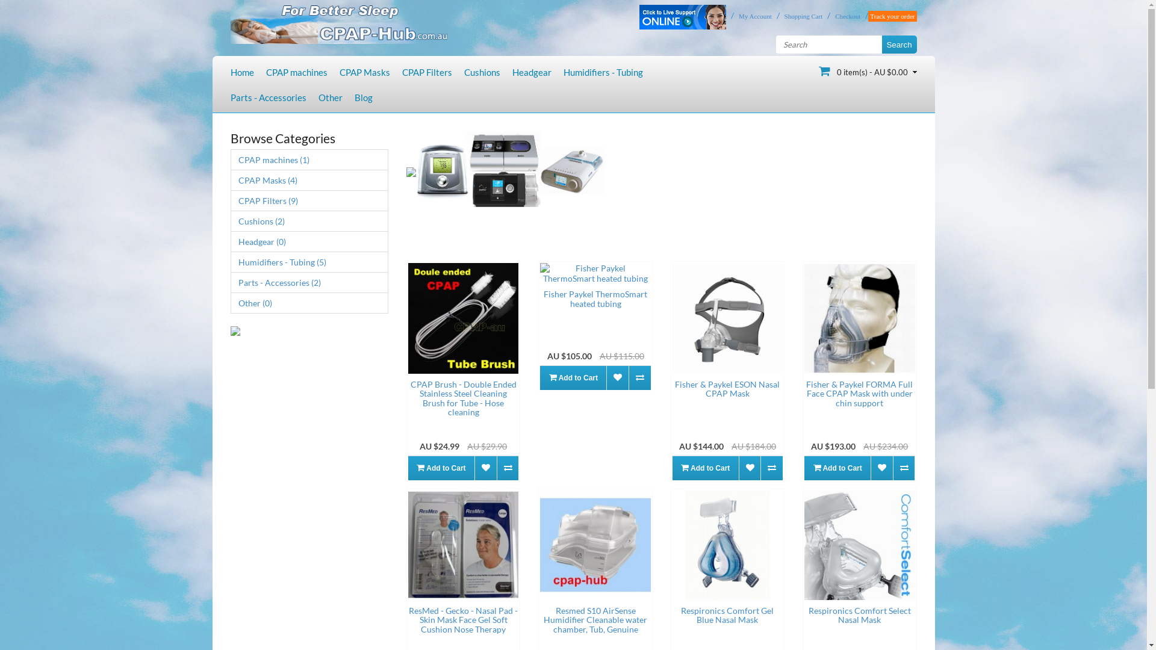 Image resolution: width=1156 pixels, height=650 pixels. I want to click on 'Fisher  Paykel ThermoSmart heated tubing', so click(595, 273).